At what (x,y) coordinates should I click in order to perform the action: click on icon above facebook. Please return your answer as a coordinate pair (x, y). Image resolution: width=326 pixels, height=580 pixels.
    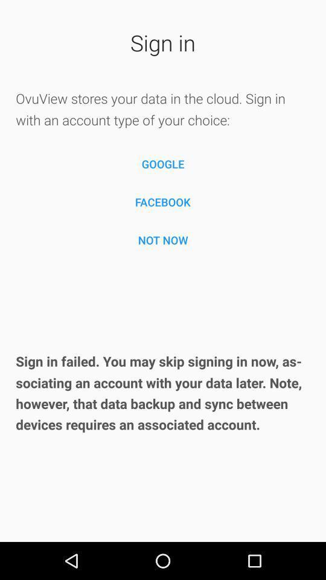
    Looking at the image, I should click on (163, 163).